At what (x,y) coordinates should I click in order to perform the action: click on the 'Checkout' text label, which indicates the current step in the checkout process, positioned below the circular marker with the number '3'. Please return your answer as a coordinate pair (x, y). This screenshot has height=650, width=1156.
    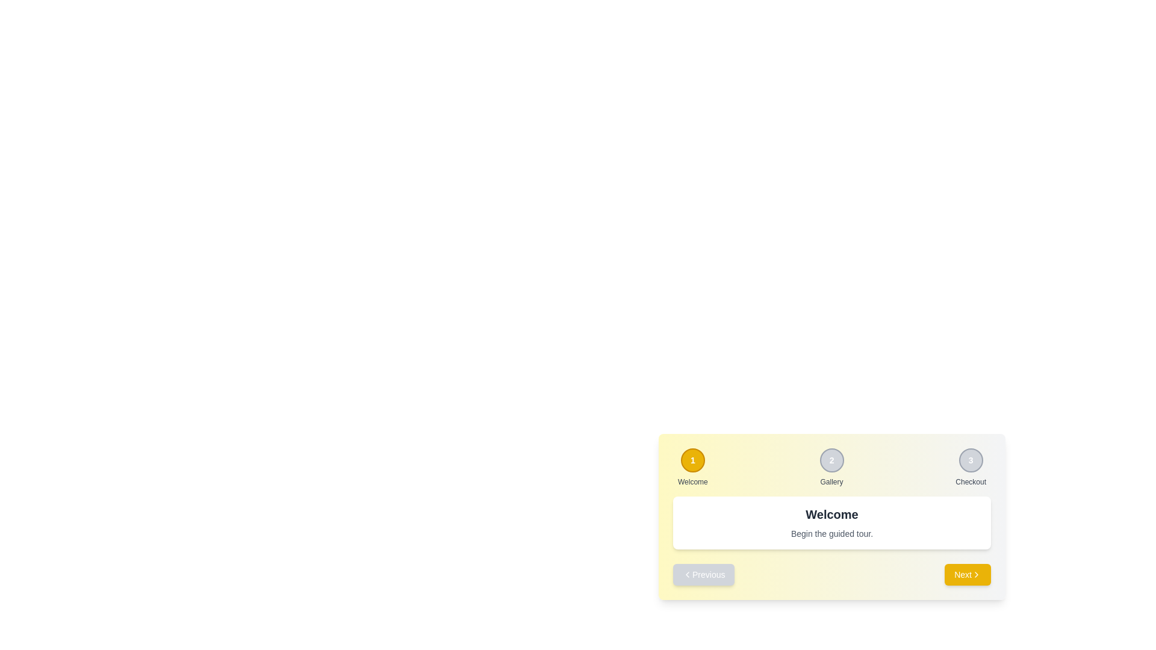
    Looking at the image, I should click on (971, 481).